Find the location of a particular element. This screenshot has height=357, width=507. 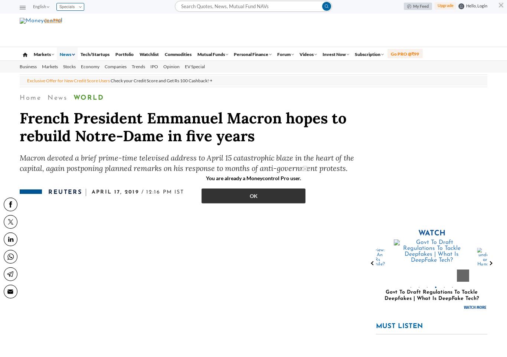

'Hello, Login' is located at coordinates (476, 5).